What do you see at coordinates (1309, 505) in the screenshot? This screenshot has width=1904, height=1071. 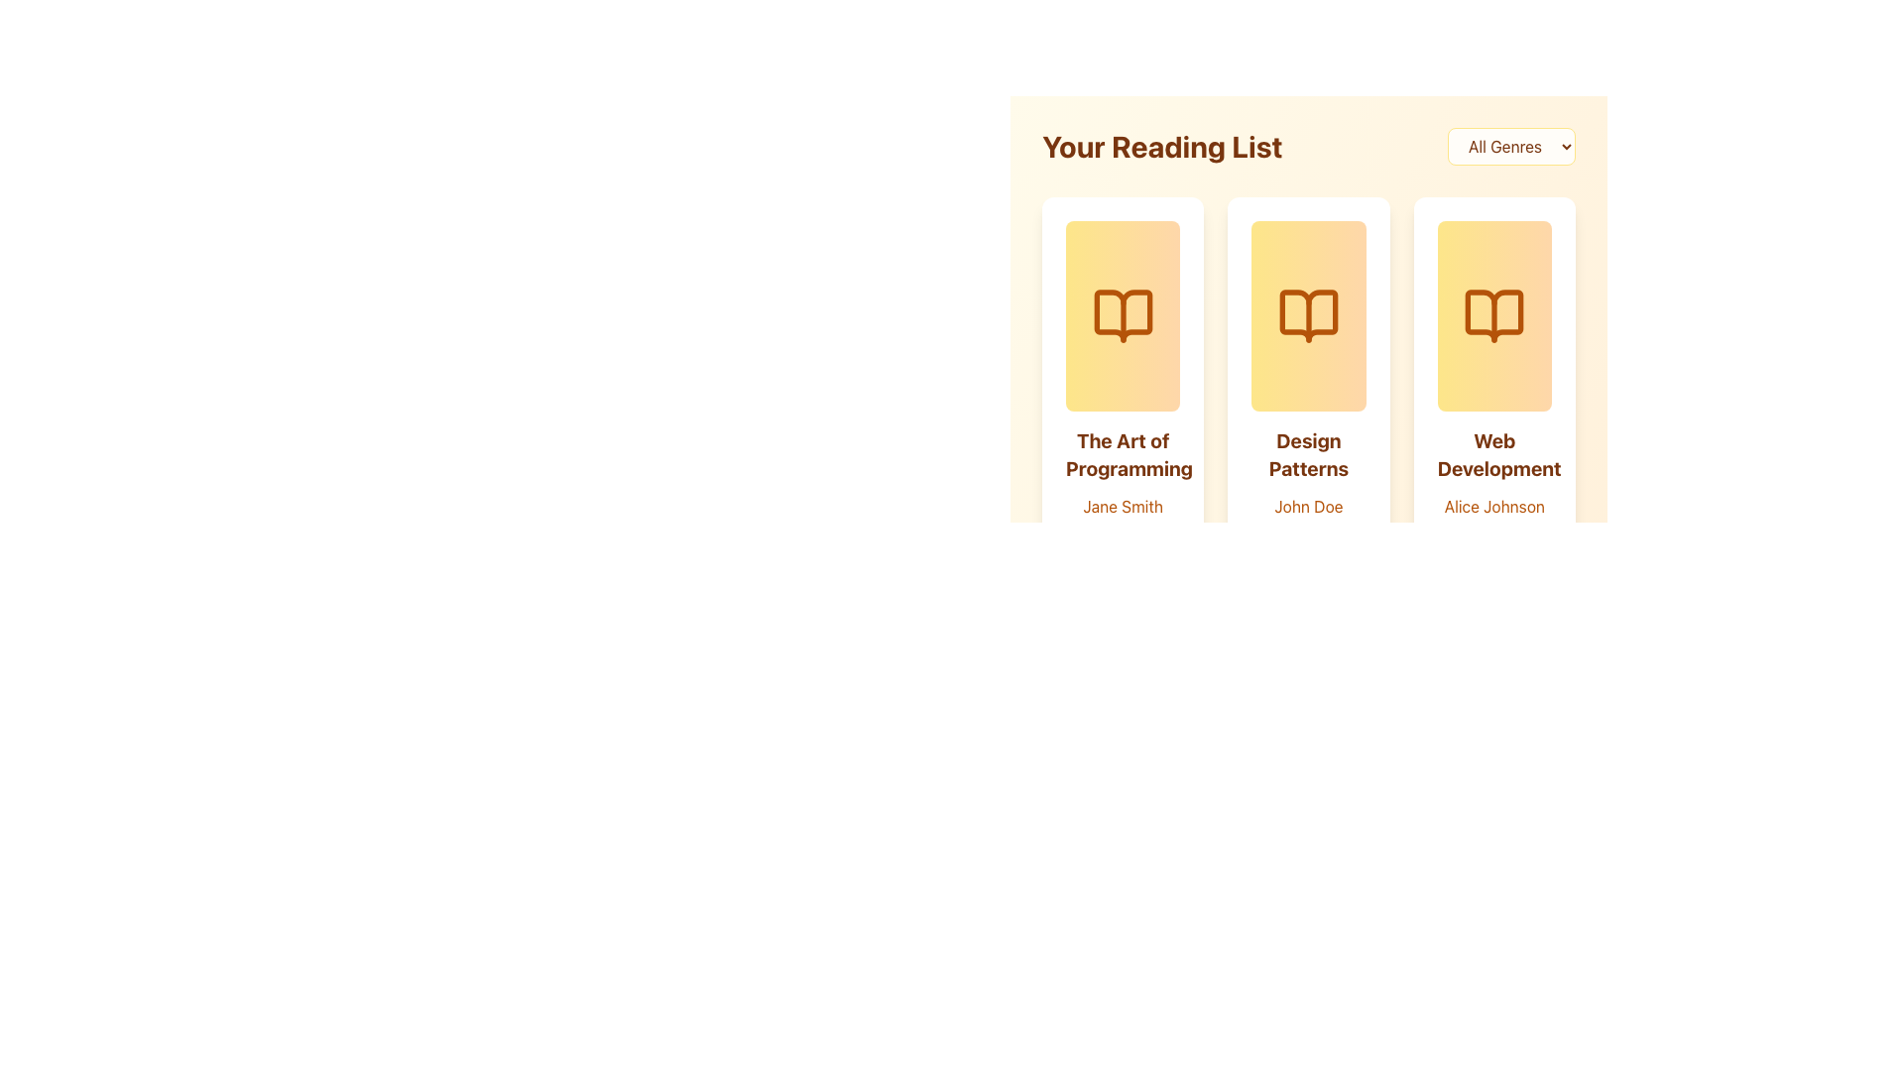 I see `the static text 'John Doe' displayed in a brownish amber font, located below the title 'Design Patterns' in the second column of the reading list card` at bounding box center [1309, 505].